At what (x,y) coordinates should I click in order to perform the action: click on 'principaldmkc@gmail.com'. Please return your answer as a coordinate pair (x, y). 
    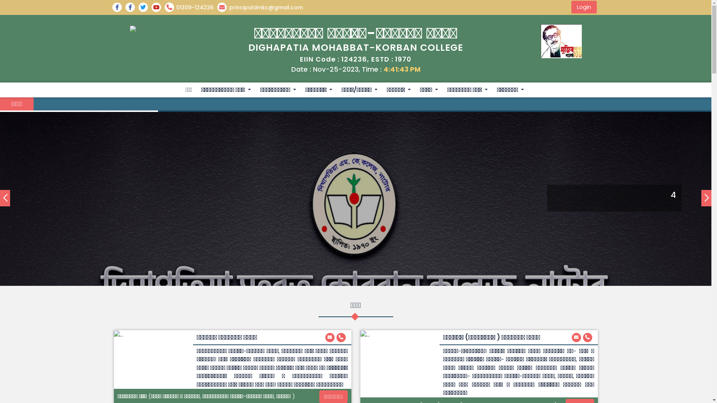
    Looking at the image, I should click on (262, 7).